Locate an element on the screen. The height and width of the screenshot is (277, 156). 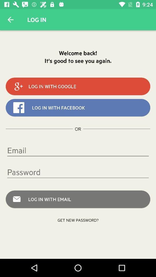
the icon above log in with icon is located at coordinates (78, 172).